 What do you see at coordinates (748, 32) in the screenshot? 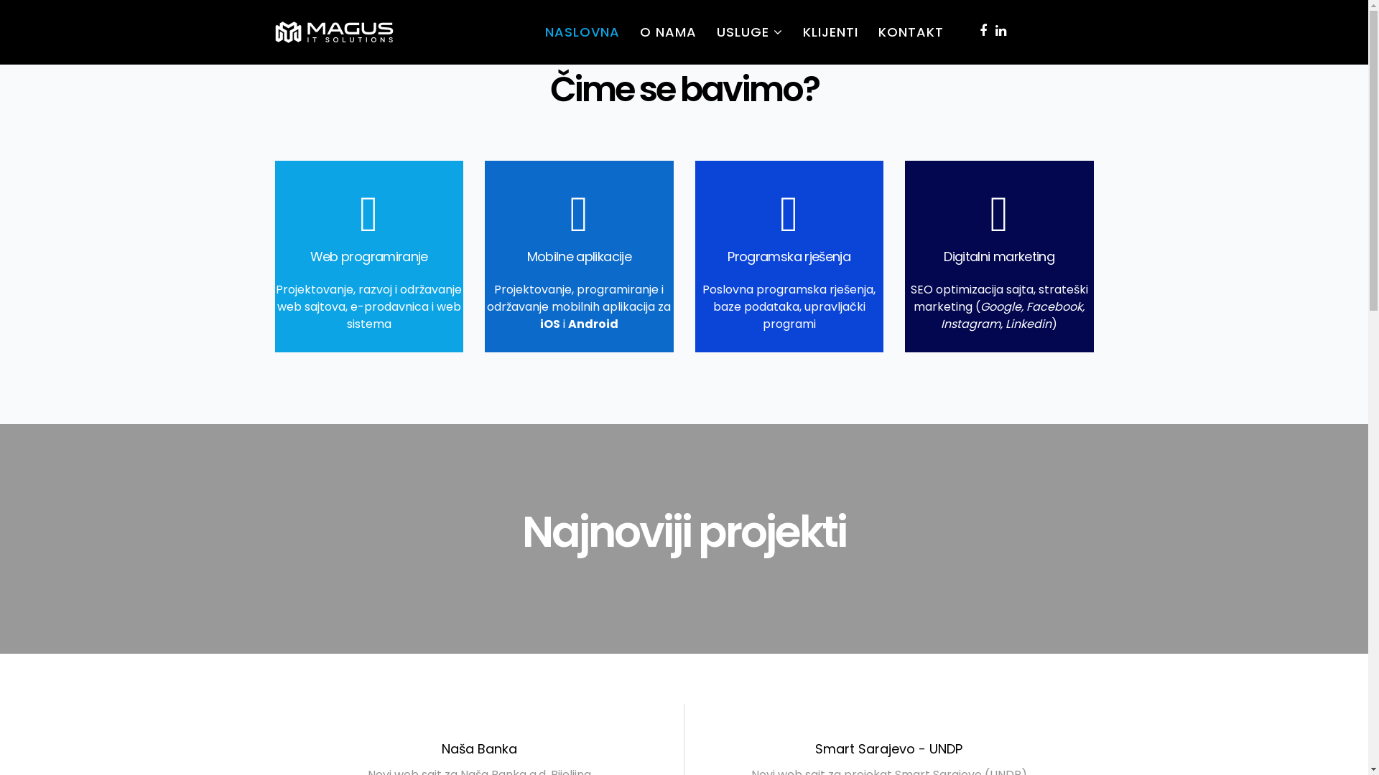
I see `'USLUGE'` at bounding box center [748, 32].